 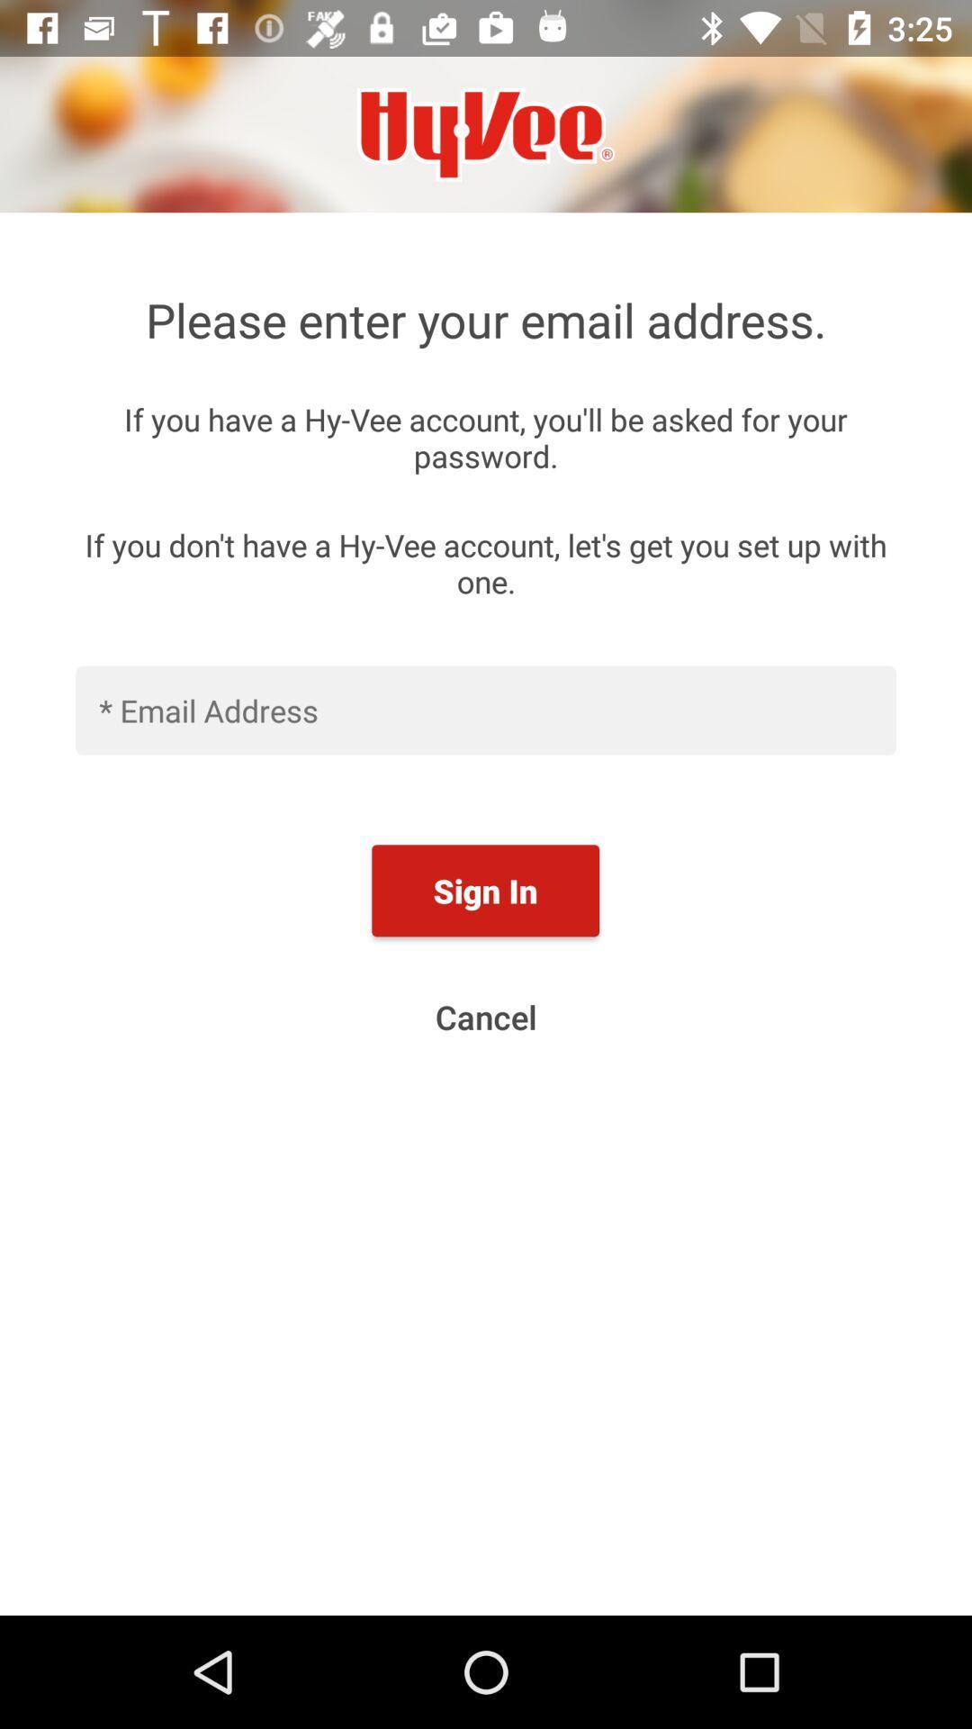 I want to click on mail textbox, so click(x=486, y=709).